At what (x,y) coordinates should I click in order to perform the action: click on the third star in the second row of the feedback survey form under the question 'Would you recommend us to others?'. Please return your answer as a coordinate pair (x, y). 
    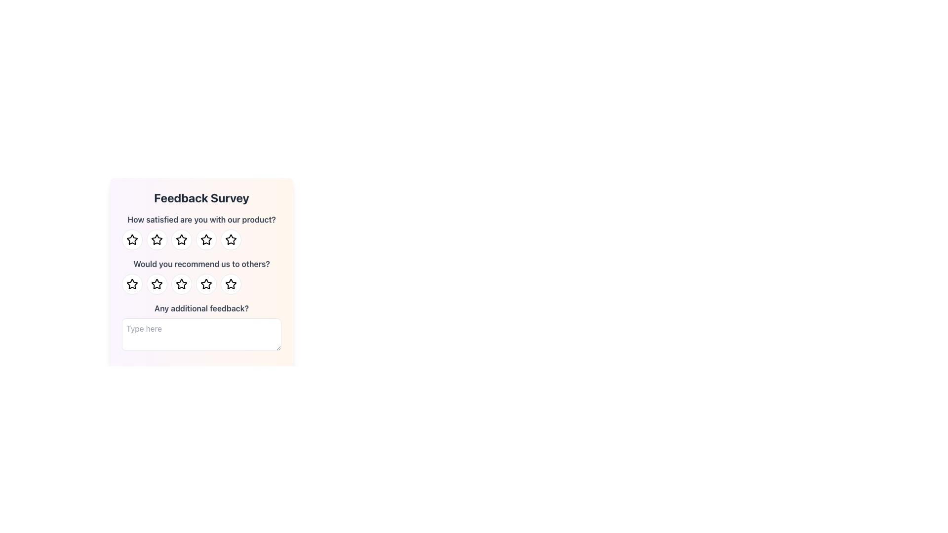
    Looking at the image, I should click on (205, 284).